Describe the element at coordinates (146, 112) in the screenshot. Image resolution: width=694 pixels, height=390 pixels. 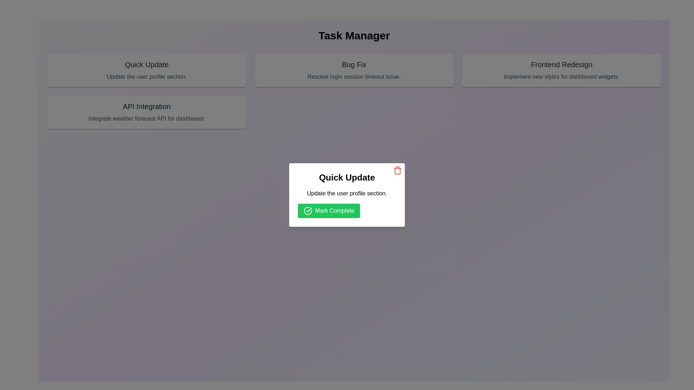
I see `the API Integration card located in the second column of the top row of the grid layout` at that location.